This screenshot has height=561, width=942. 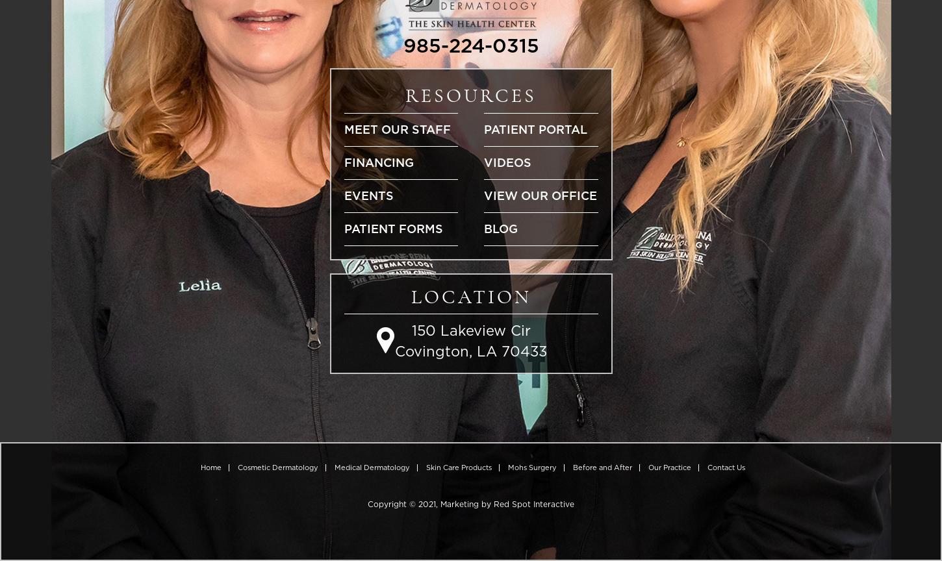 What do you see at coordinates (471, 351) in the screenshot?
I see `'Covington, LA 70433'` at bounding box center [471, 351].